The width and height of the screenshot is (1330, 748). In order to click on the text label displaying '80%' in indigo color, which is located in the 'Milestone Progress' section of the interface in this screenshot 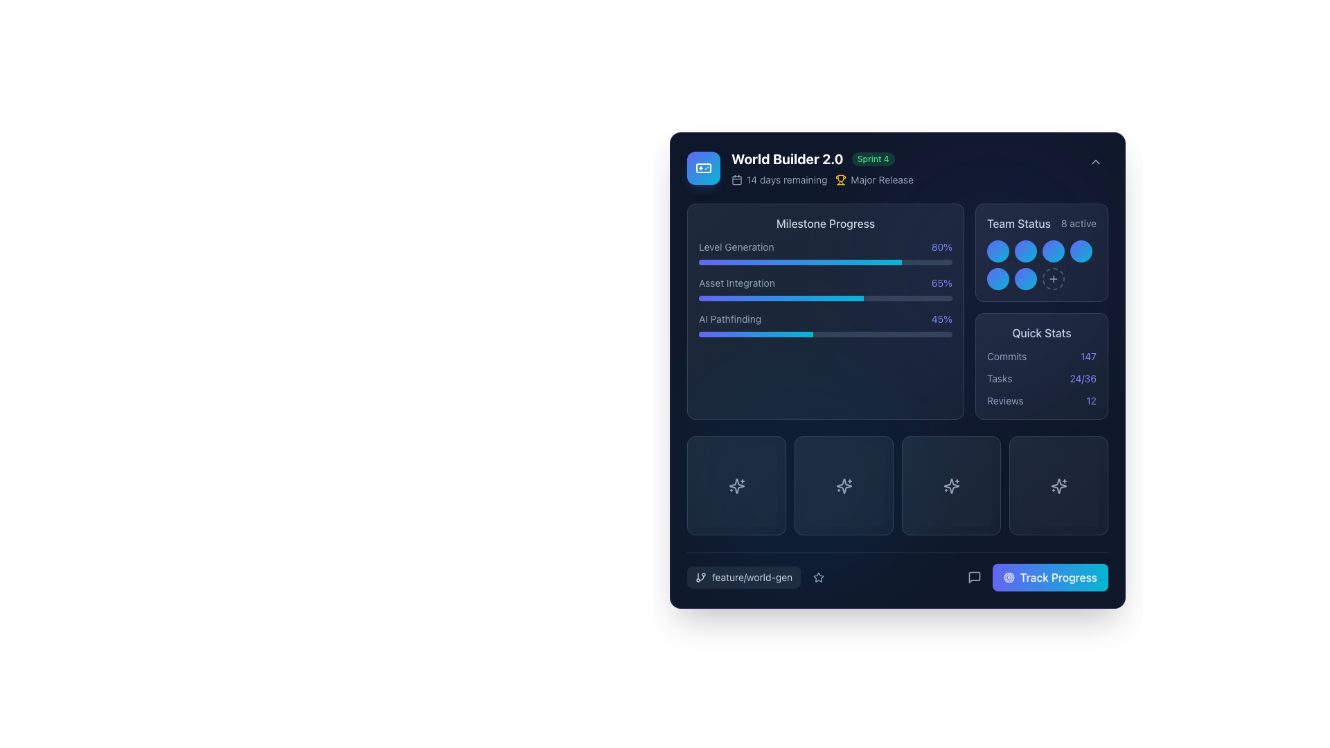, I will do `click(941, 247)`.